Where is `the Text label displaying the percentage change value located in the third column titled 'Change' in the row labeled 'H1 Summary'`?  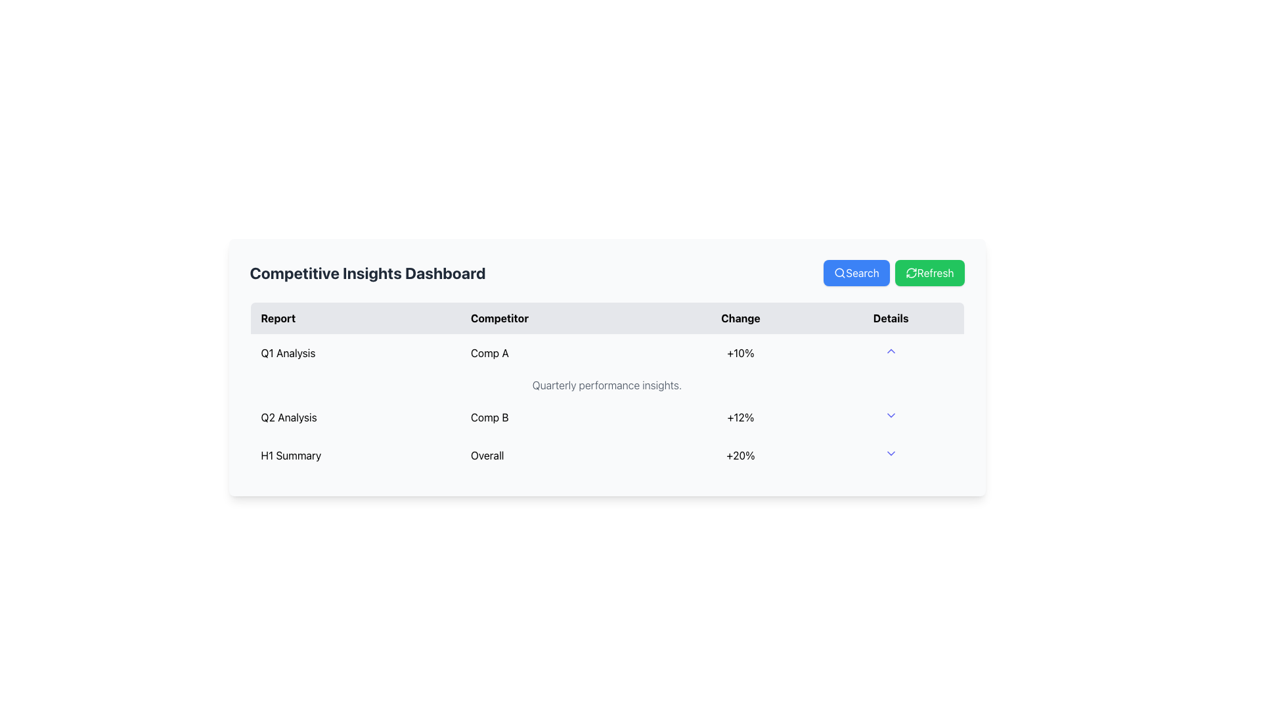
the Text label displaying the percentage change value located in the third column titled 'Change' in the row labeled 'H1 Summary' is located at coordinates (741, 455).